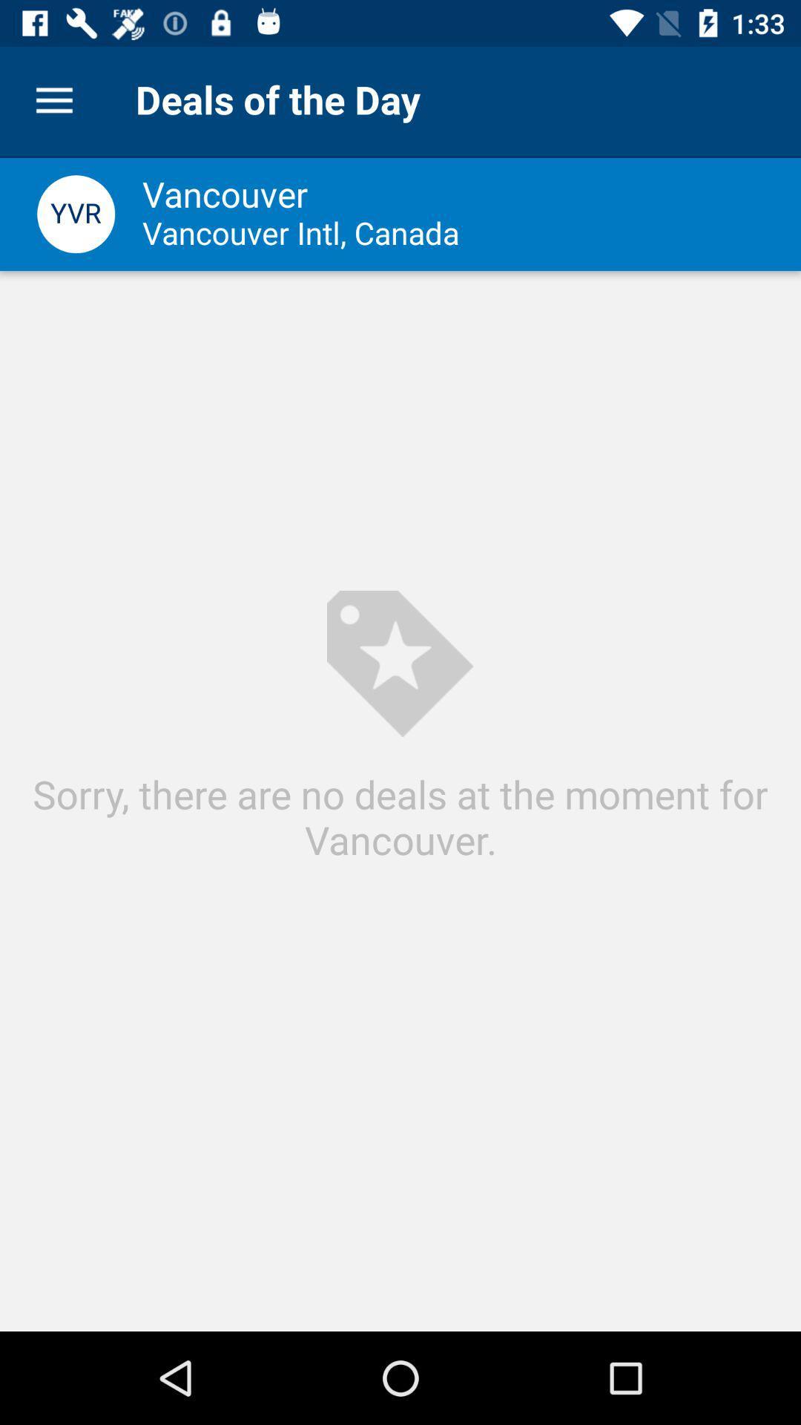 The width and height of the screenshot is (801, 1425). What do you see at coordinates (53, 100) in the screenshot?
I see `the icon to the left of the deals of the icon` at bounding box center [53, 100].